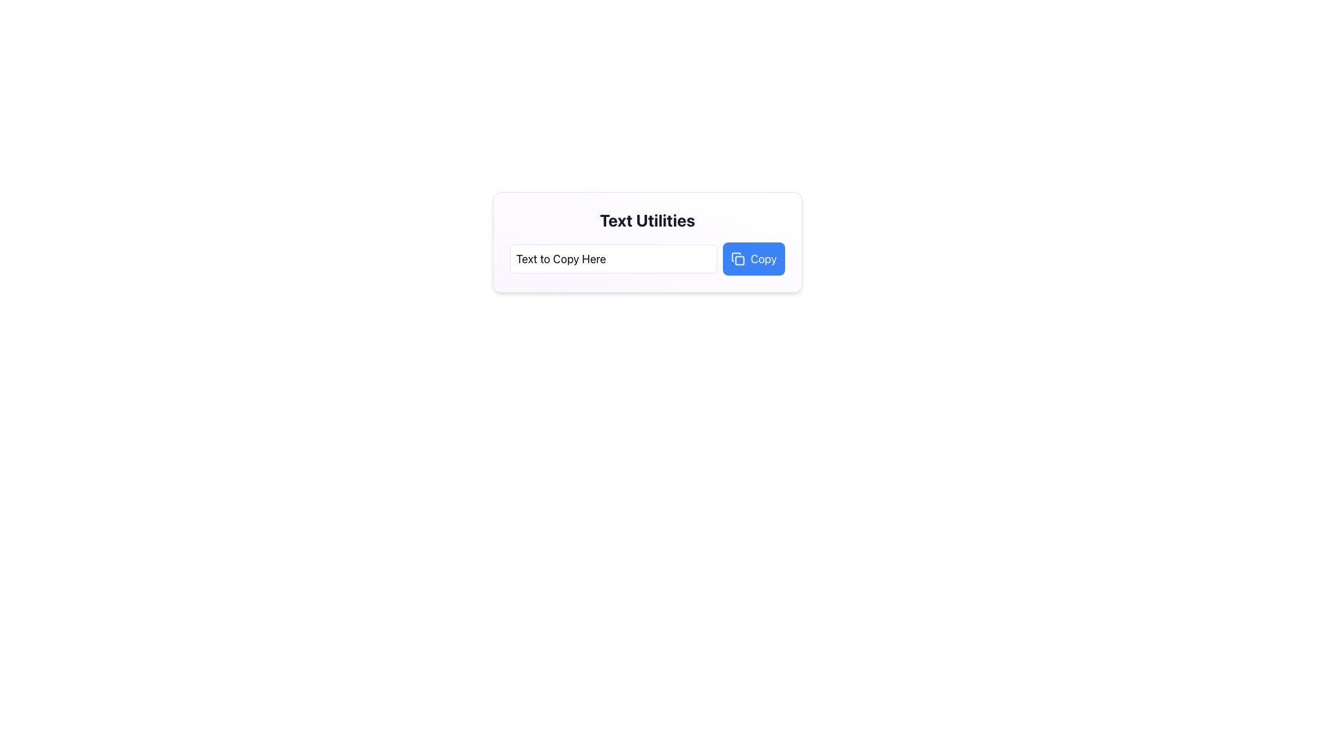 This screenshot has width=1327, height=746. What do you see at coordinates (753, 258) in the screenshot?
I see `the 'Copy' button with a blue background and clipboard icon` at bounding box center [753, 258].